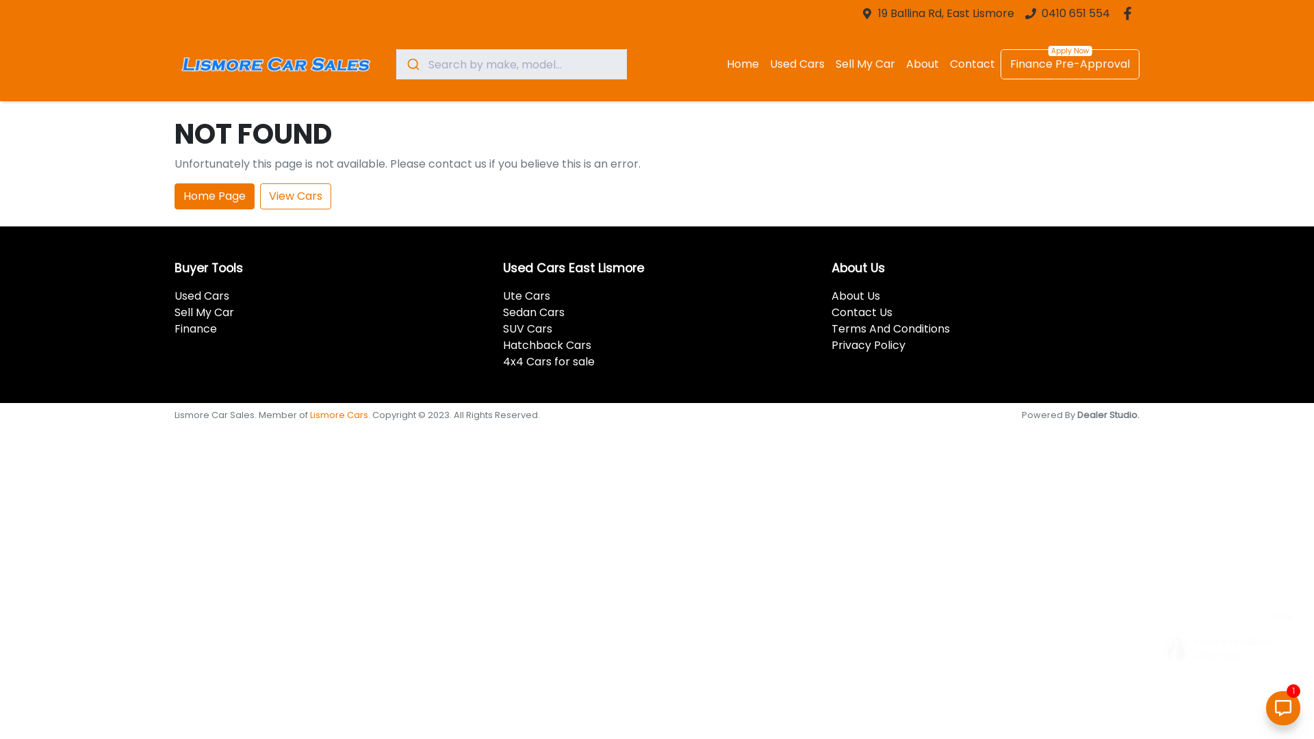  Describe the element at coordinates (195, 328) in the screenshot. I see `'Finance'` at that location.